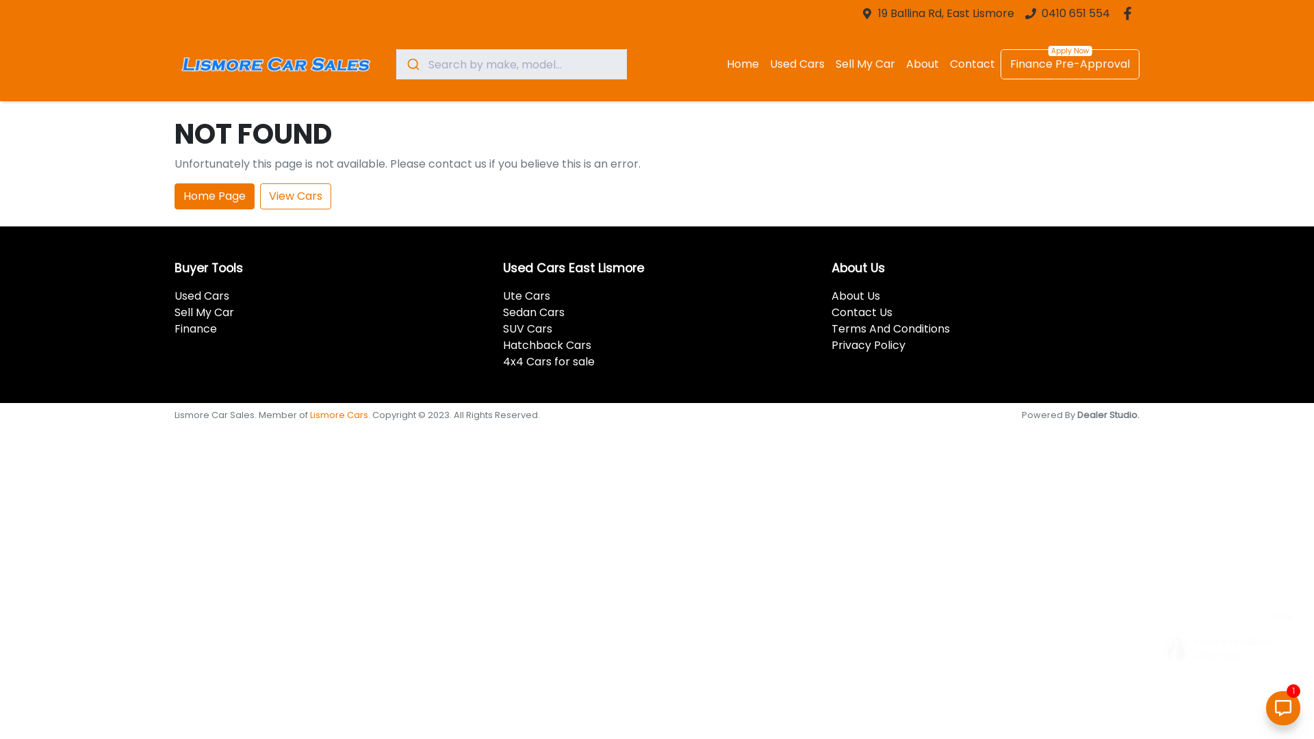  Describe the element at coordinates (195, 328) in the screenshot. I see `'Finance'` at that location.